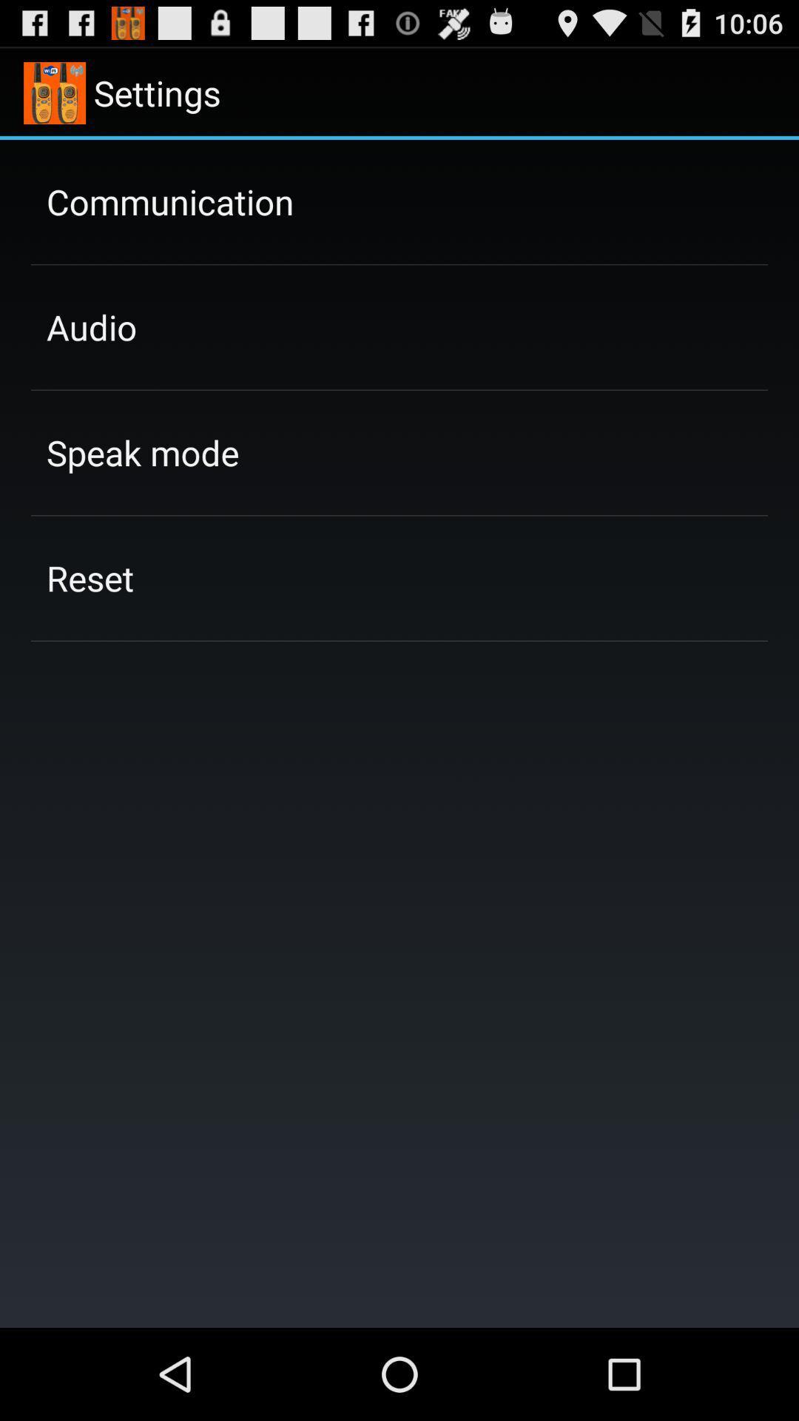 Image resolution: width=799 pixels, height=1421 pixels. What do you see at coordinates (92, 326) in the screenshot?
I see `icon above speak mode icon` at bounding box center [92, 326].